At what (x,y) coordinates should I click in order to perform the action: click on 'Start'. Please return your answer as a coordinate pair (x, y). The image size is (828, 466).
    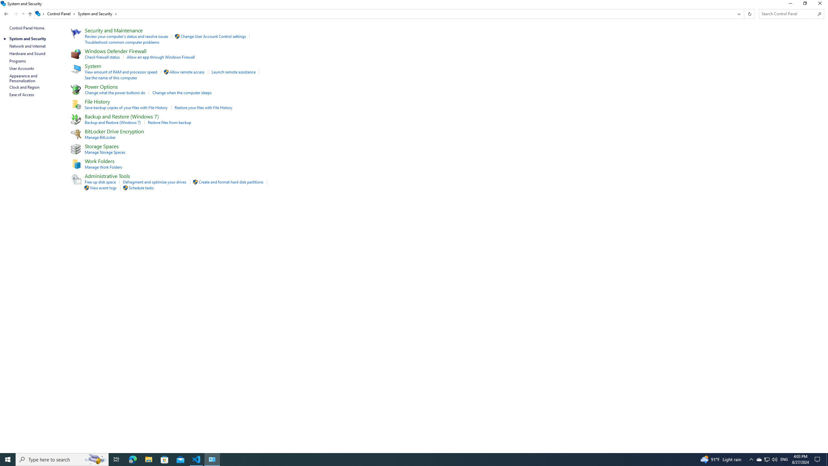
    Looking at the image, I should click on (8, 459).